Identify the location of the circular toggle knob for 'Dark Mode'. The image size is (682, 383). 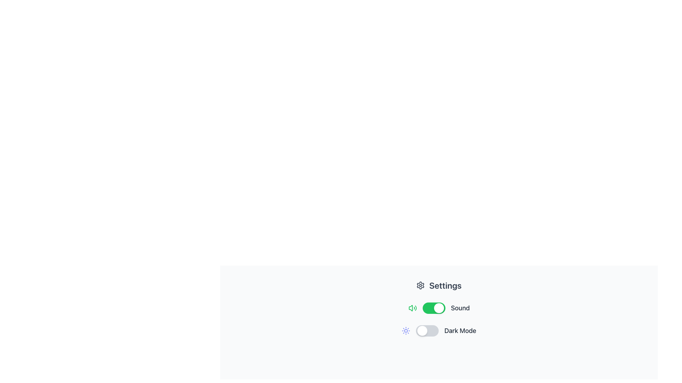
(422, 331).